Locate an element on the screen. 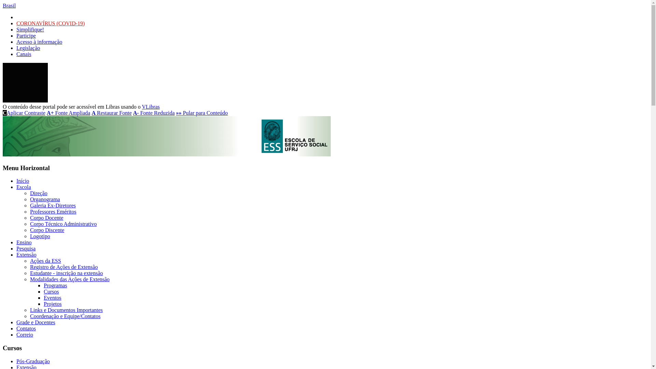  'Escola' is located at coordinates (16, 187).